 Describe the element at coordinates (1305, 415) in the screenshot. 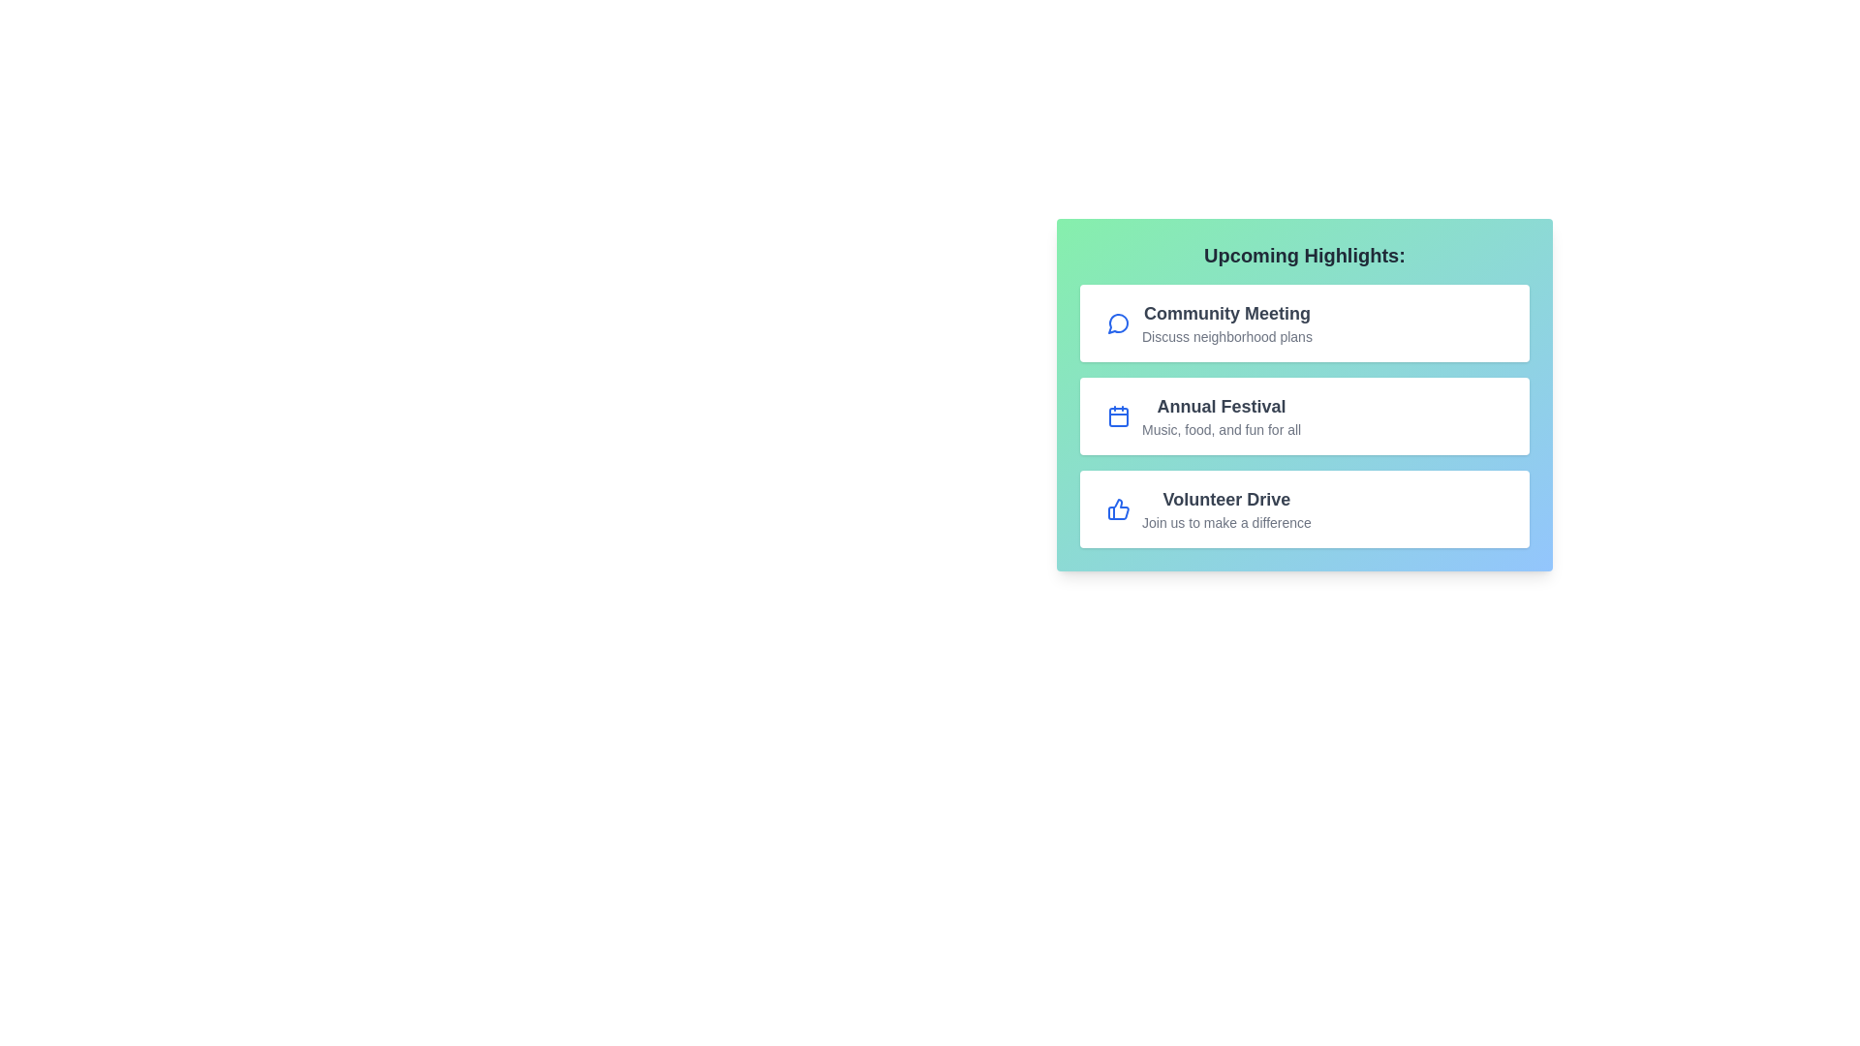

I see `the event item Annual Festival to observe its hover effect` at that location.